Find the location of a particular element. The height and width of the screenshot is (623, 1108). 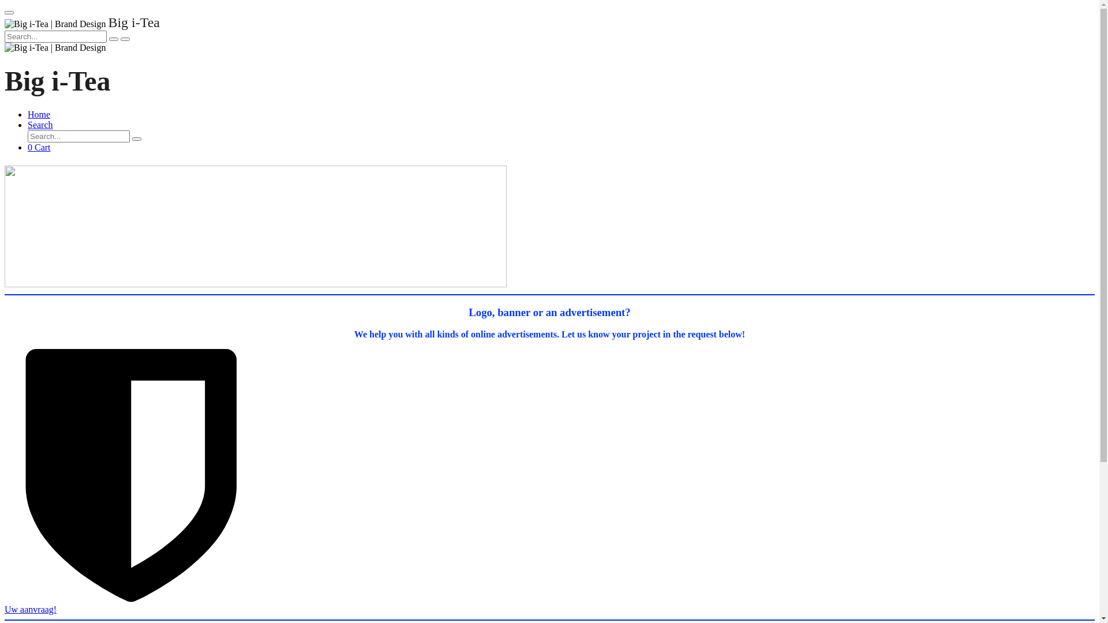

'Home' is located at coordinates (28, 114).